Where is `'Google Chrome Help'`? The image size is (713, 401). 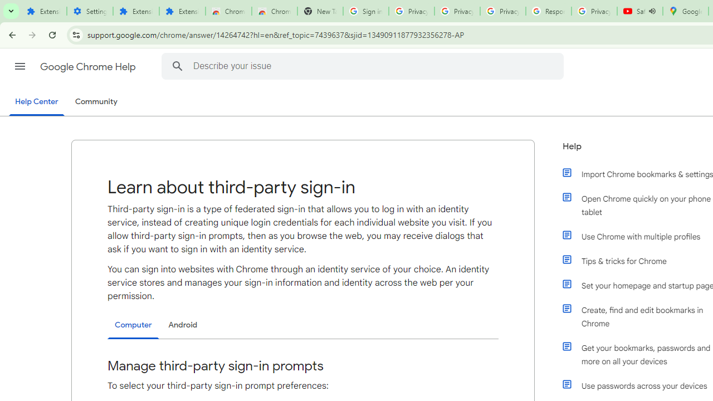
'Google Chrome Help' is located at coordinates (89, 66).